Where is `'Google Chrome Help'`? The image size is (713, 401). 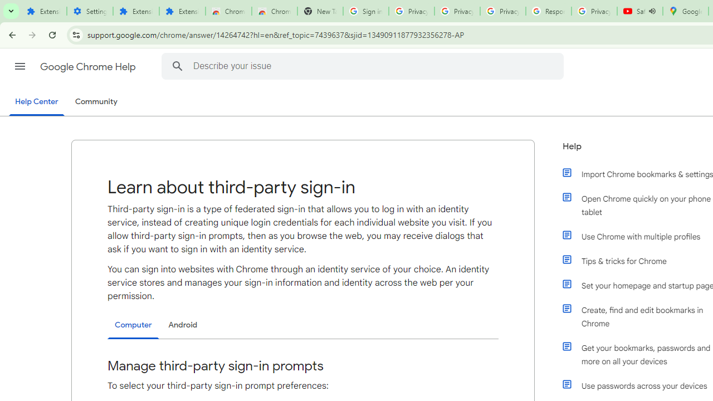
'Google Chrome Help' is located at coordinates (89, 66).